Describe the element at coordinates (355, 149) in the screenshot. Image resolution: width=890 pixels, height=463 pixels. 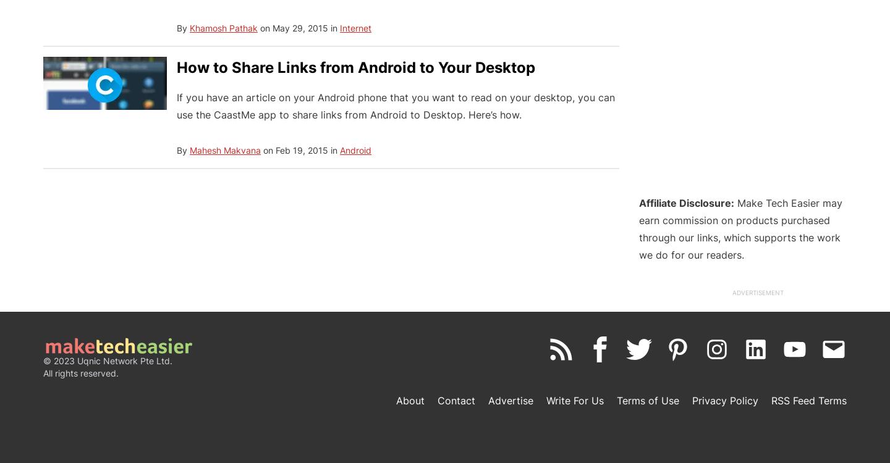
I see `'Android'` at that location.